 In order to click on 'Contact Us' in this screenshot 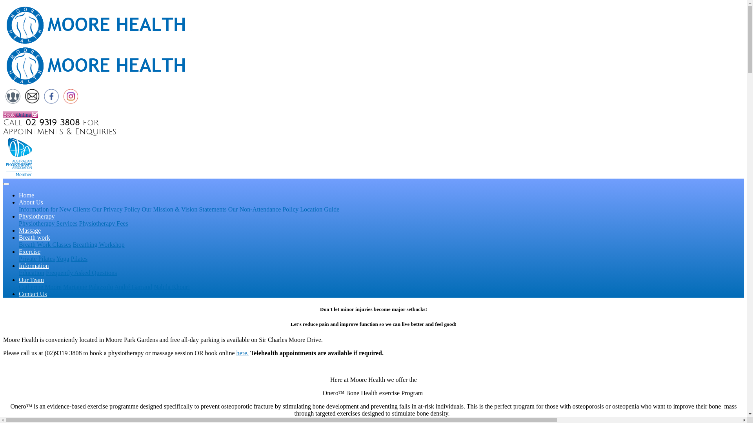, I will do `click(19, 294)`.